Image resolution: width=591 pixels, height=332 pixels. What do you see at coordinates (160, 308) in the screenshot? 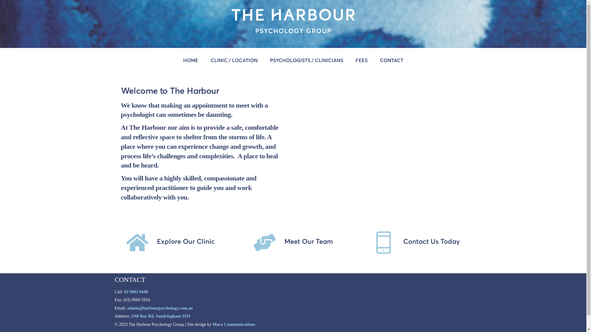
I see `'admin@harbourpsychology.com.au'` at bounding box center [160, 308].